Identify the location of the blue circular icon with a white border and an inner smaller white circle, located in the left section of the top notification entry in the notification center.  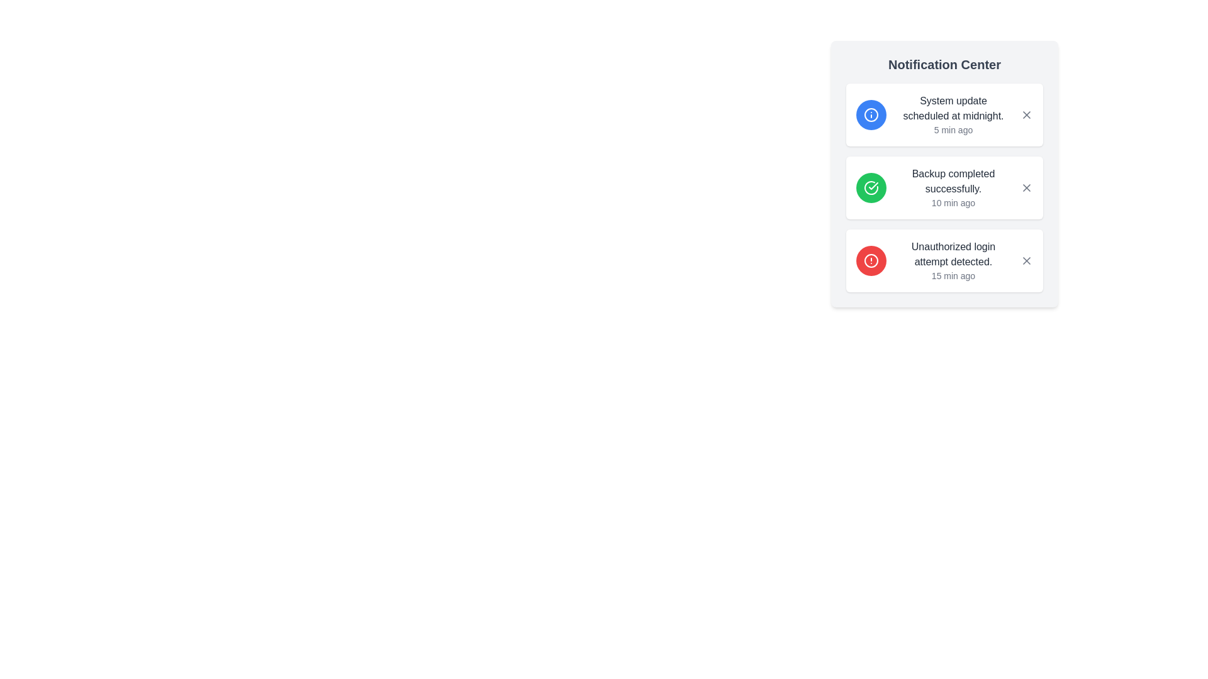
(871, 114).